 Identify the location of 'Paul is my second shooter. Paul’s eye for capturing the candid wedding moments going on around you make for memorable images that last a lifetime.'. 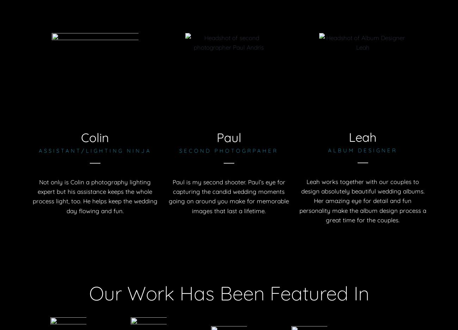
(229, 196).